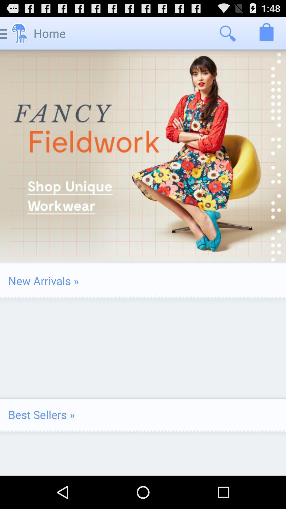 The width and height of the screenshot is (286, 509). I want to click on item at the bottom left corner, so click(41, 414).